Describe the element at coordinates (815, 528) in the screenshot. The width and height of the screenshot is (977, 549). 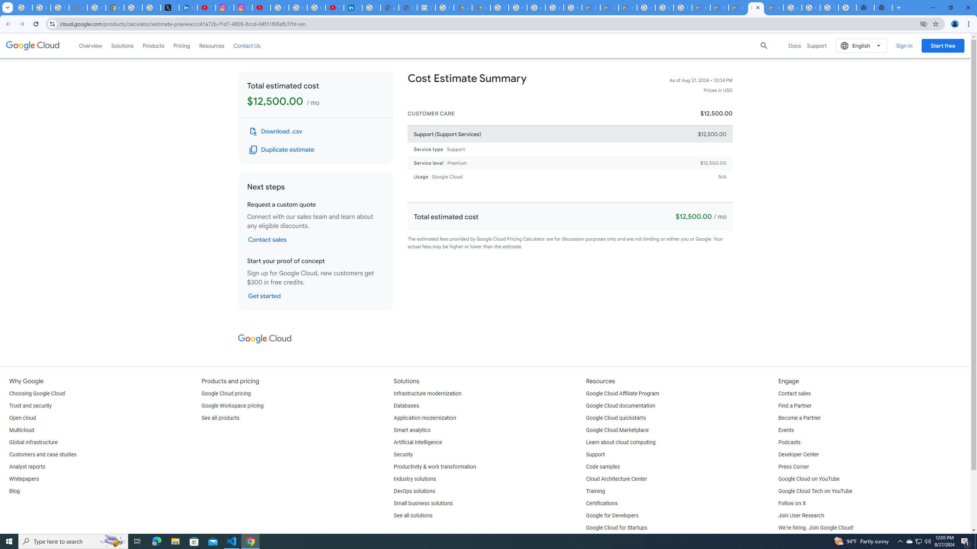
I see `'We'` at that location.